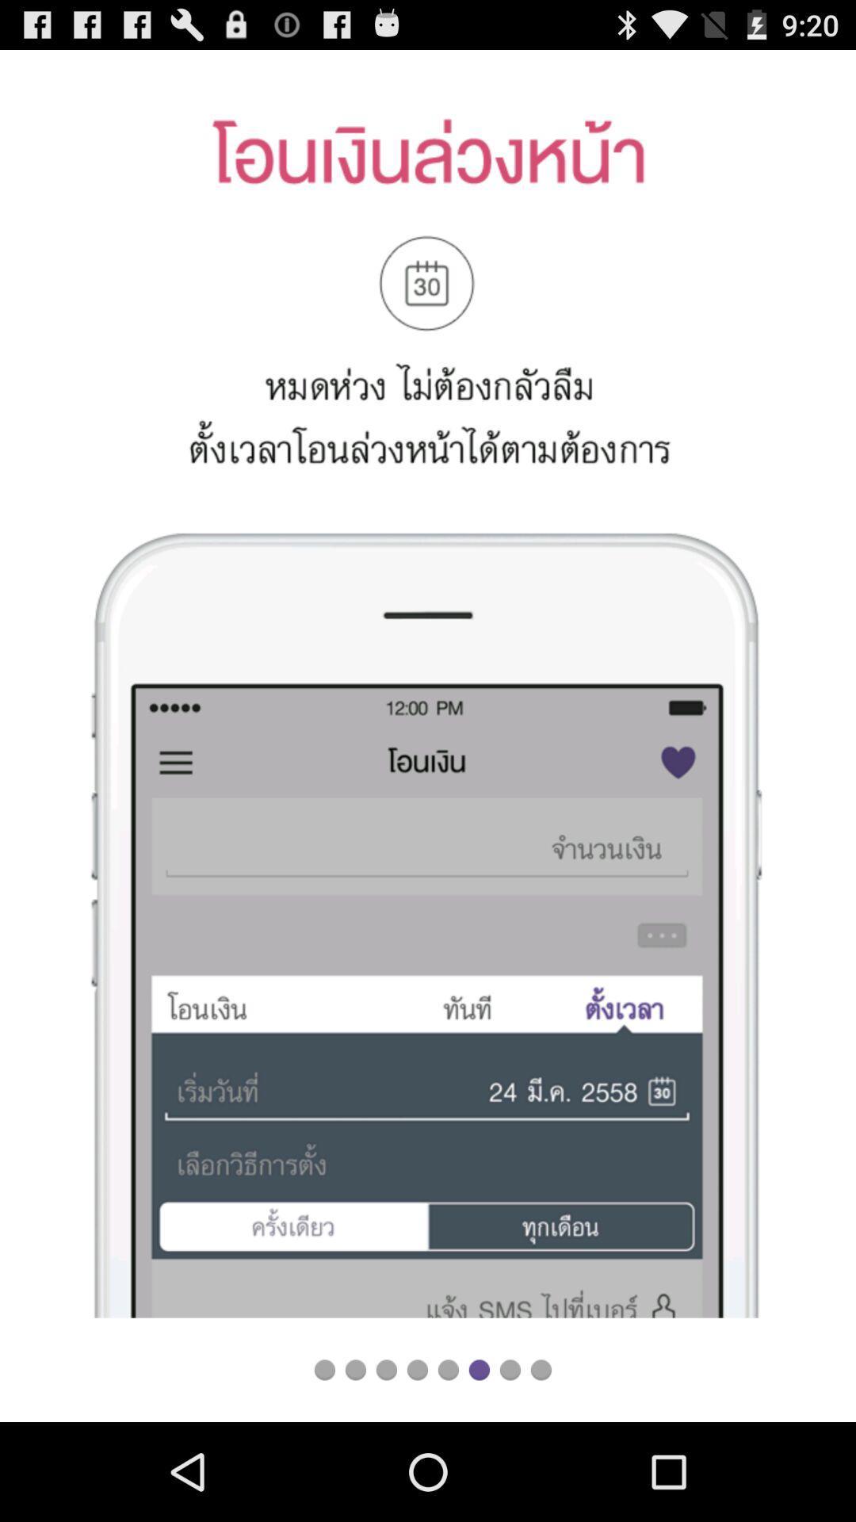 This screenshot has width=856, height=1522. What do you see at coordinates (354, 1369) in the screenshot?
I see `next` at bounding box center [354, 1369].